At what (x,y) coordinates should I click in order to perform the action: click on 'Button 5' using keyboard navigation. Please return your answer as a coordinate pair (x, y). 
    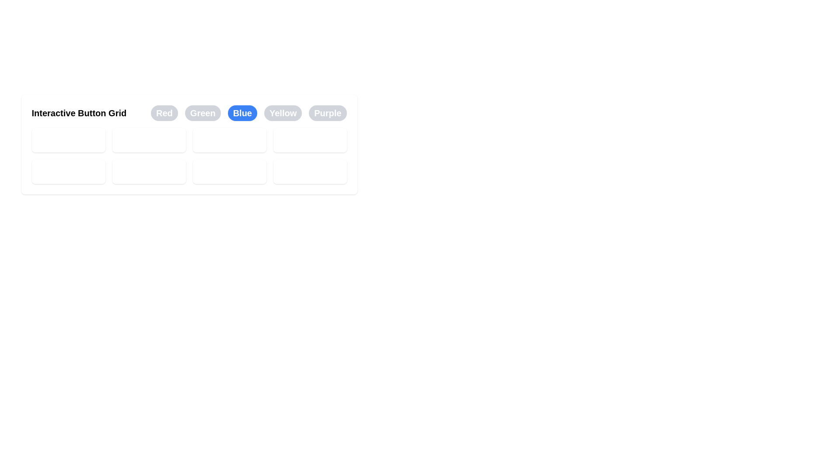
    Looking at the image, I should click on (68, 172).